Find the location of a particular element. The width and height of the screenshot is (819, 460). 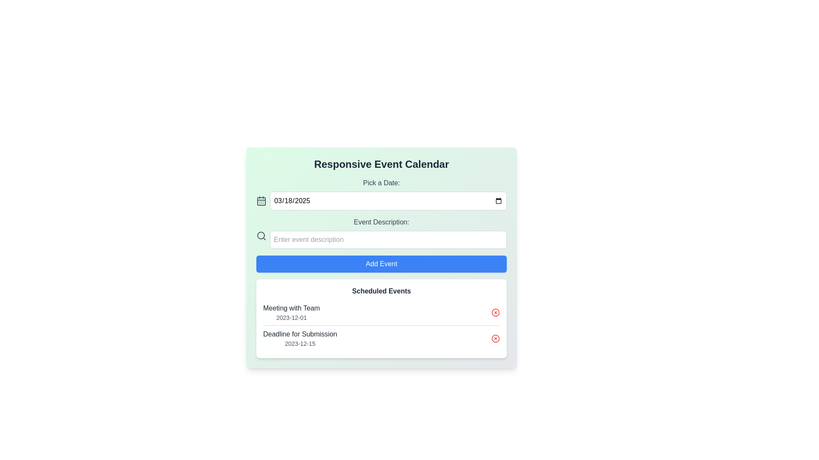

the text input field located below the date picker in the 'Responsive Event Calendar' to focus on it is located at coordinates (381, 233).